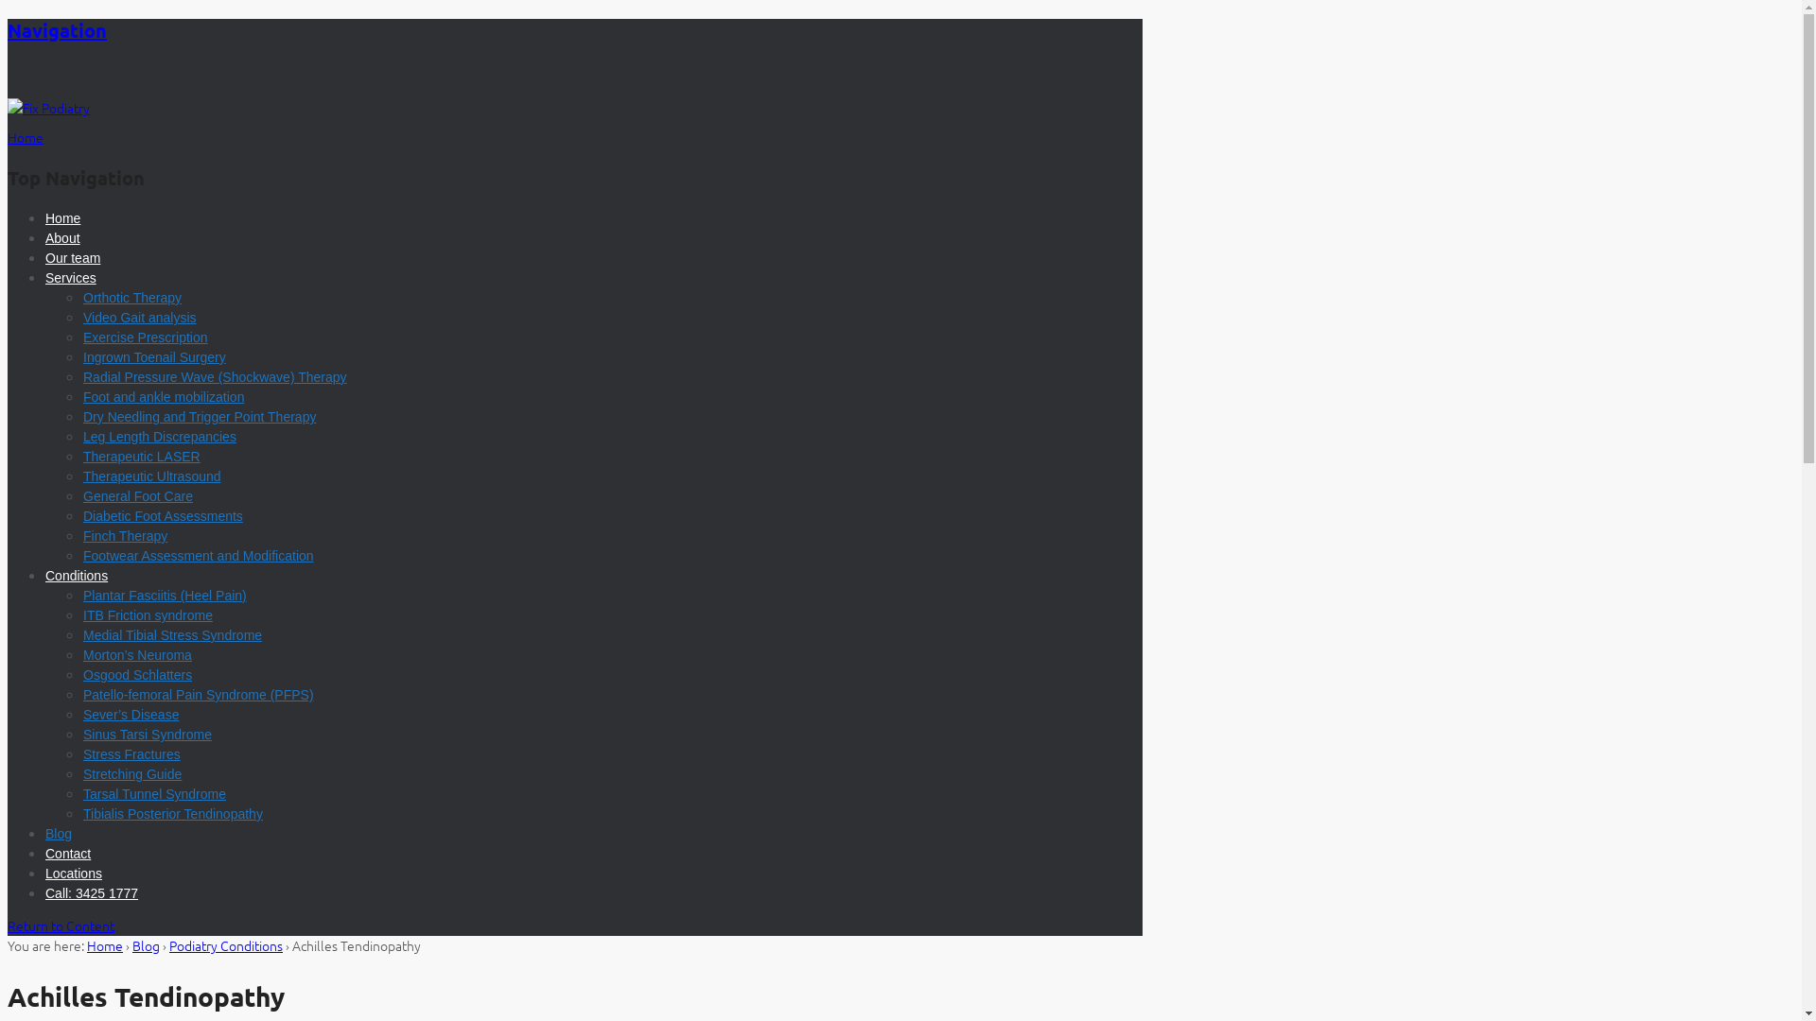 The height and width of the screenshot is (1021, 1816). I want to click on 'Locations', so click(73, 874).